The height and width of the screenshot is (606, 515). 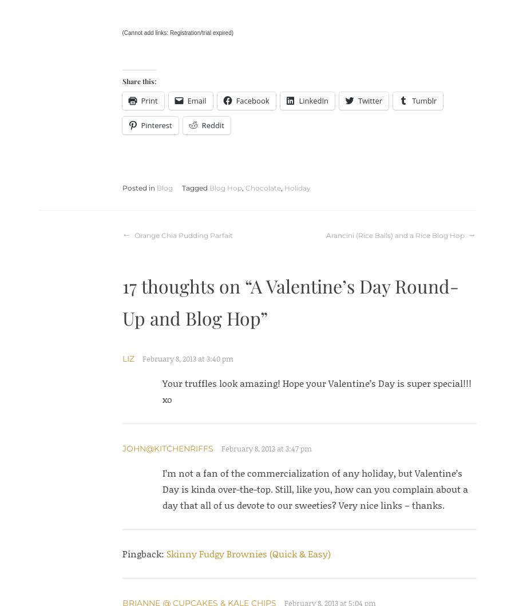 What do you see at coordinates (315, 391) in the screenshot?
I see `'Your truffles look amazing! Hope your Valentine’s Day is super special!!! xo'` at bounding box center [315, 391].